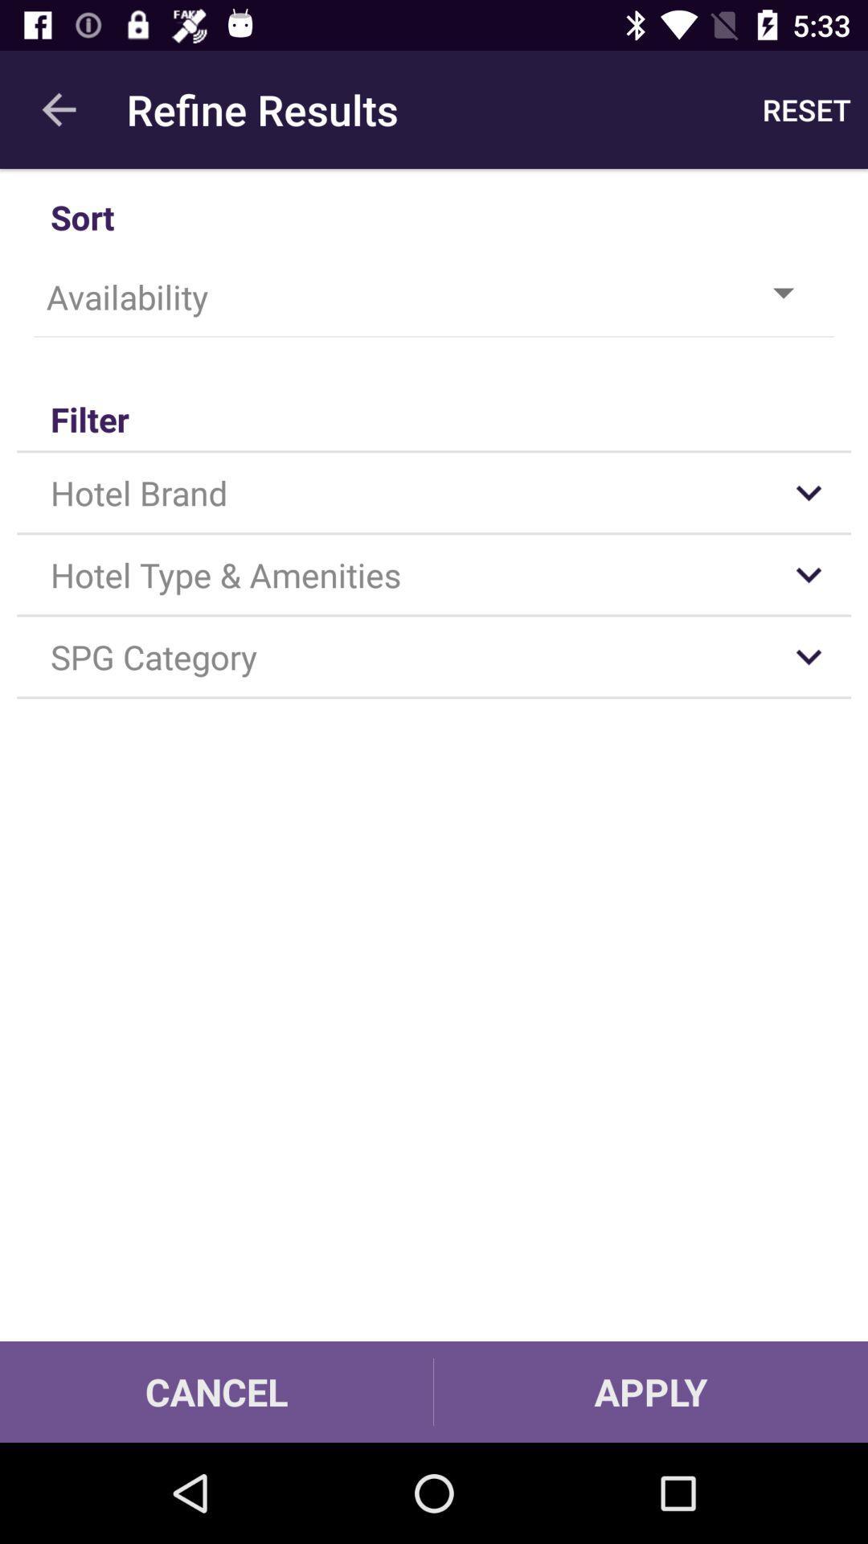  Describe the element at coordinates (215, 1391) in the screenshot. I see `the cancel item` at that location.